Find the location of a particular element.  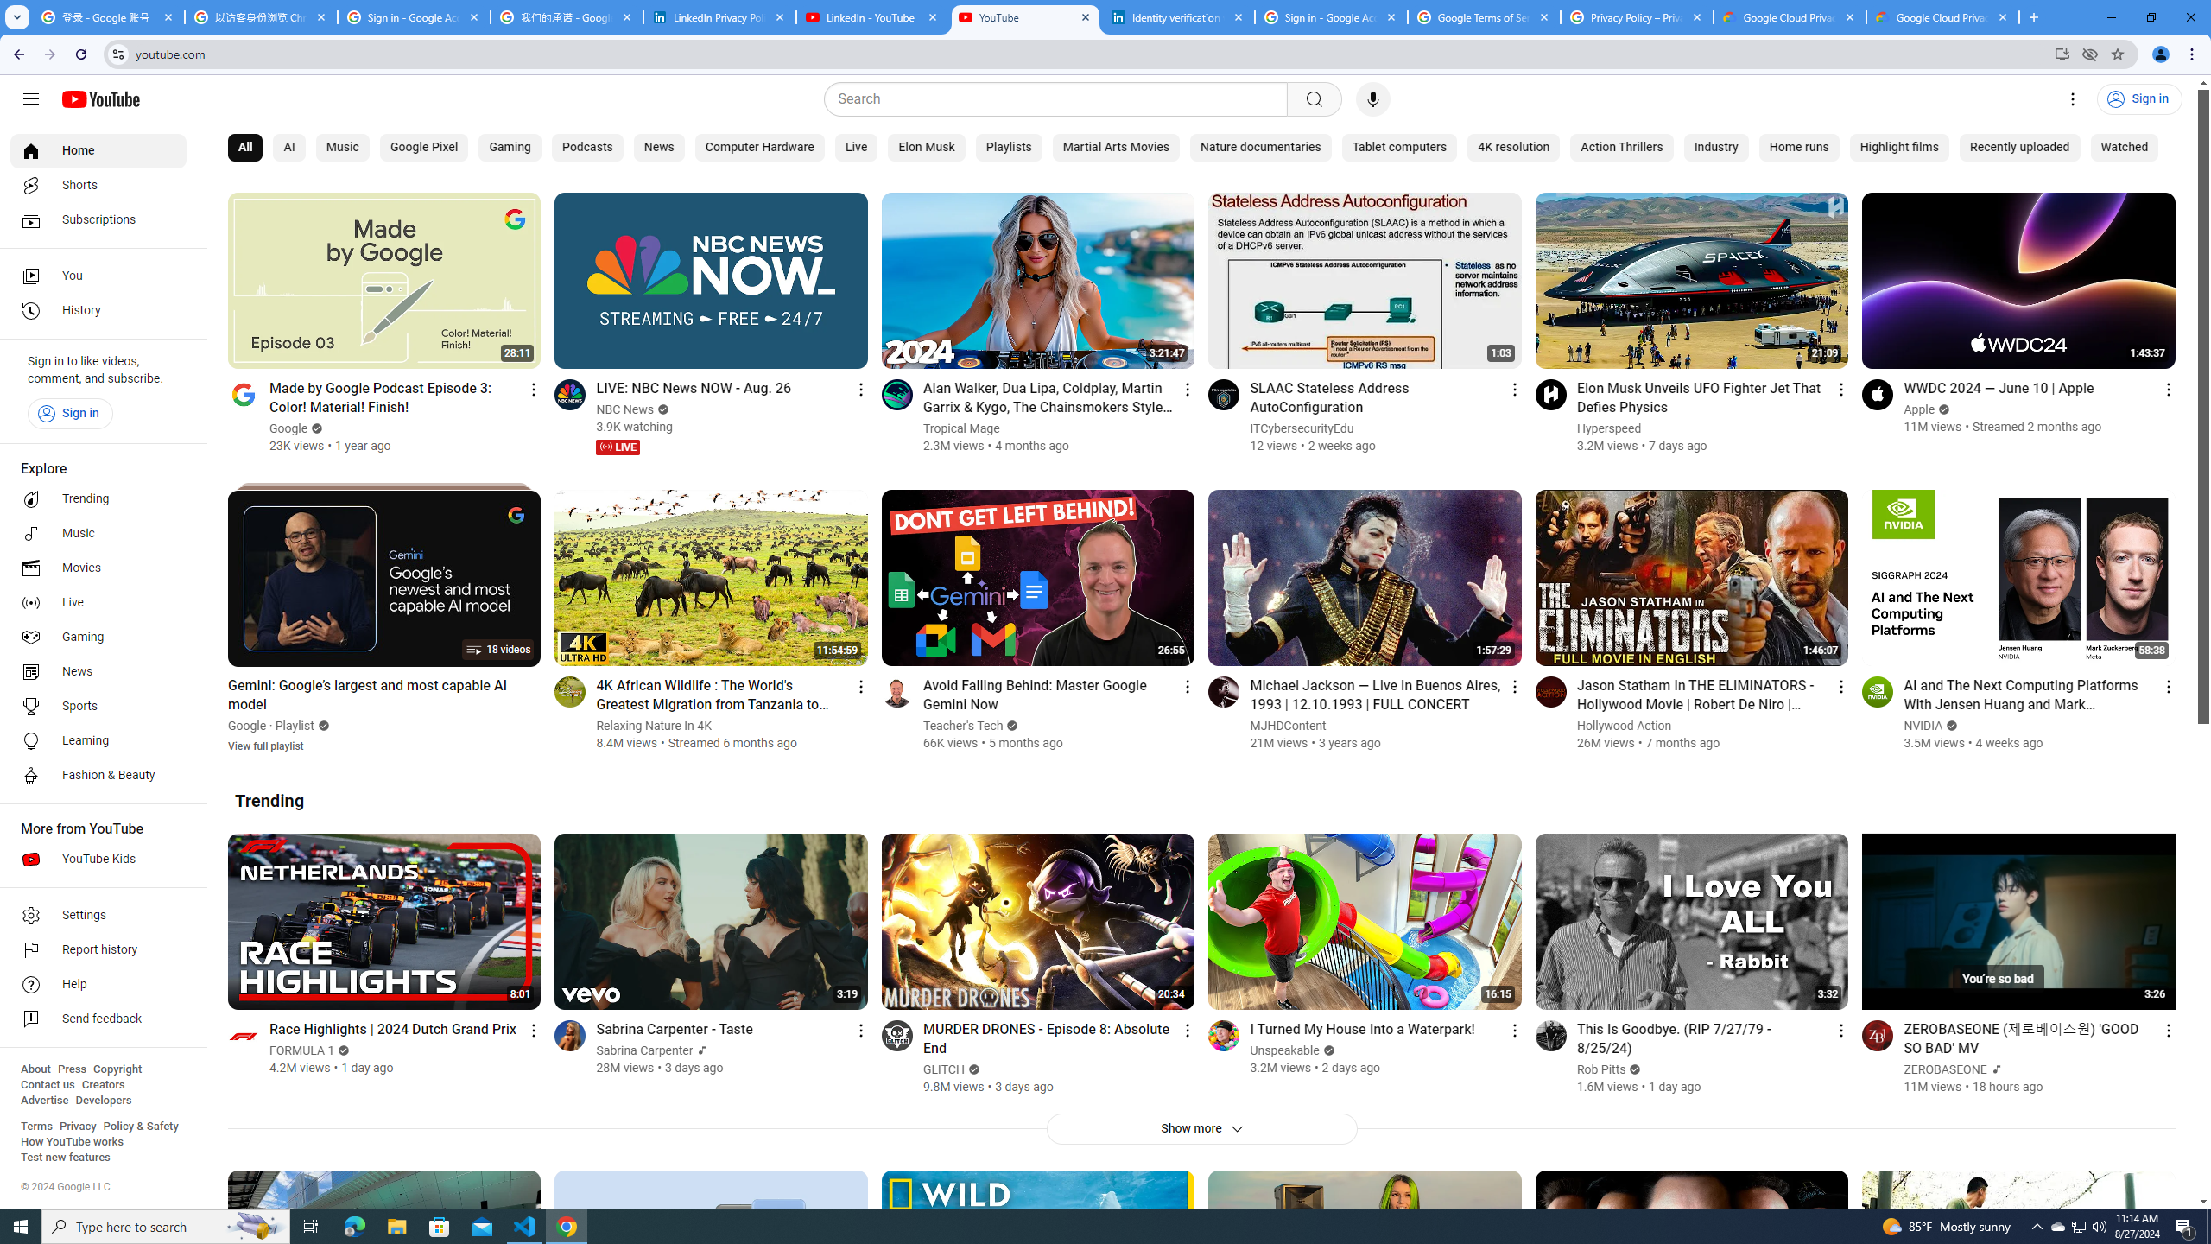

'Hollywood Action' is located at coordinates (1624, 725).